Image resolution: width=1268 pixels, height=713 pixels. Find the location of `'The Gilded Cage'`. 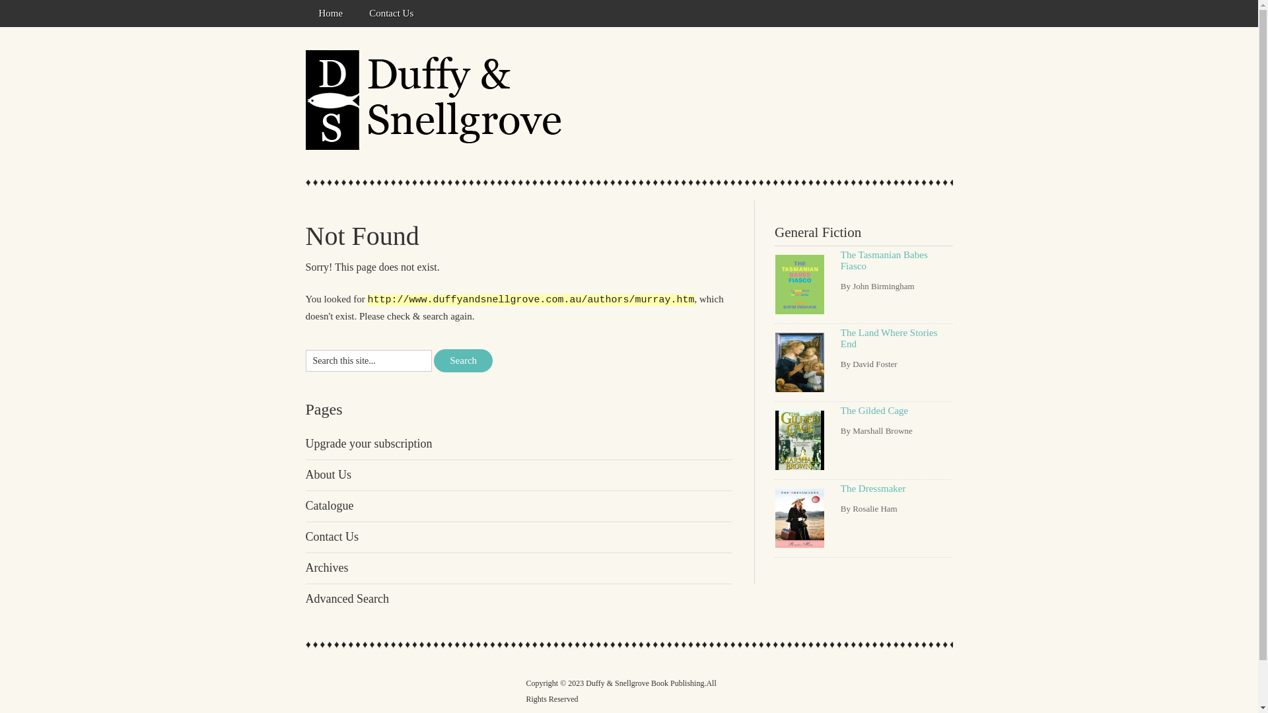

'The Gilded Cage' is located at coordinates (874, 409).